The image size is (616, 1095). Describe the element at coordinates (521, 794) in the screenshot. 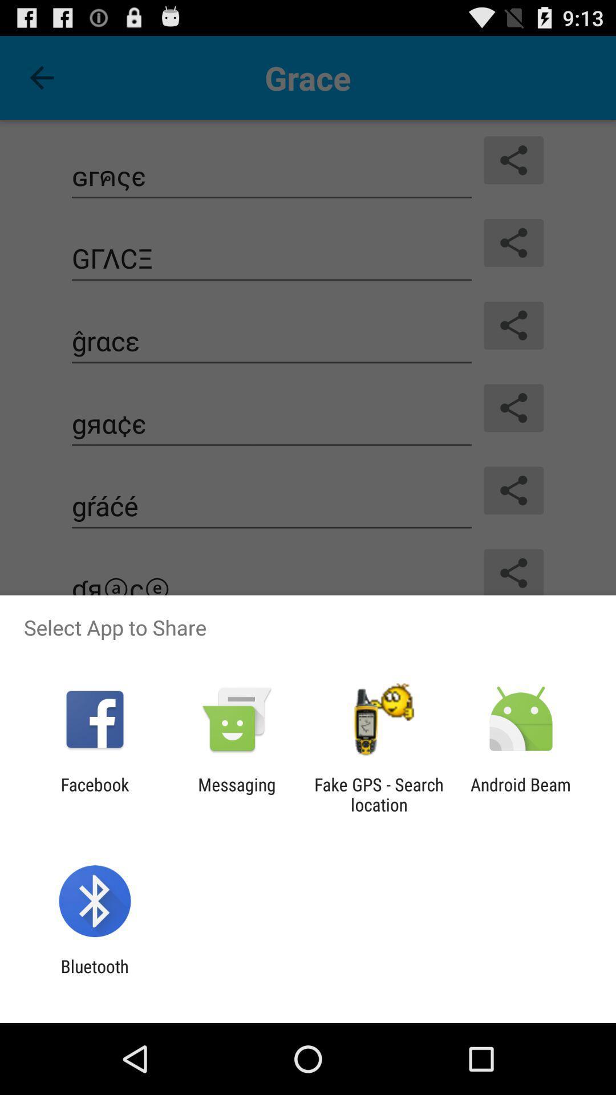

I see `the icon to the right of fake gps search app` at that location.